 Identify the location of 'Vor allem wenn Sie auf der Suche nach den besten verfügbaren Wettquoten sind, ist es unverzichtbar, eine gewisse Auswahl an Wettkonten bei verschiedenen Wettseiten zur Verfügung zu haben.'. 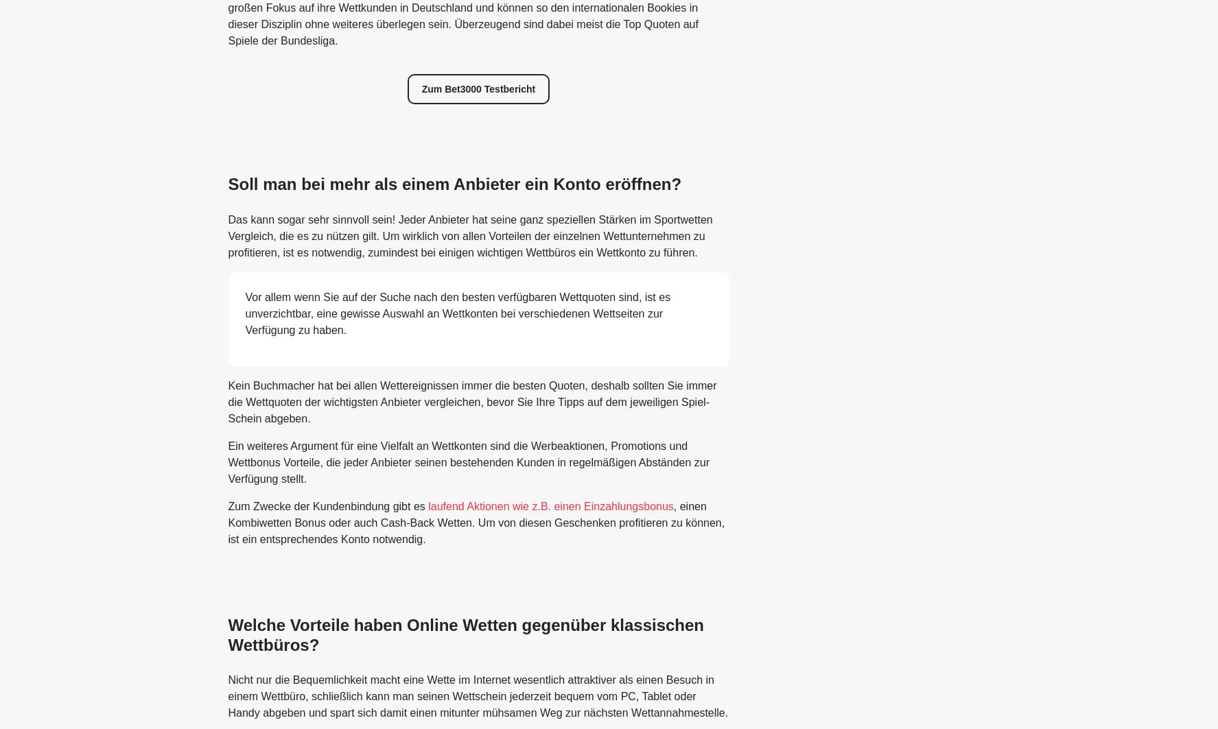
(457, 313).